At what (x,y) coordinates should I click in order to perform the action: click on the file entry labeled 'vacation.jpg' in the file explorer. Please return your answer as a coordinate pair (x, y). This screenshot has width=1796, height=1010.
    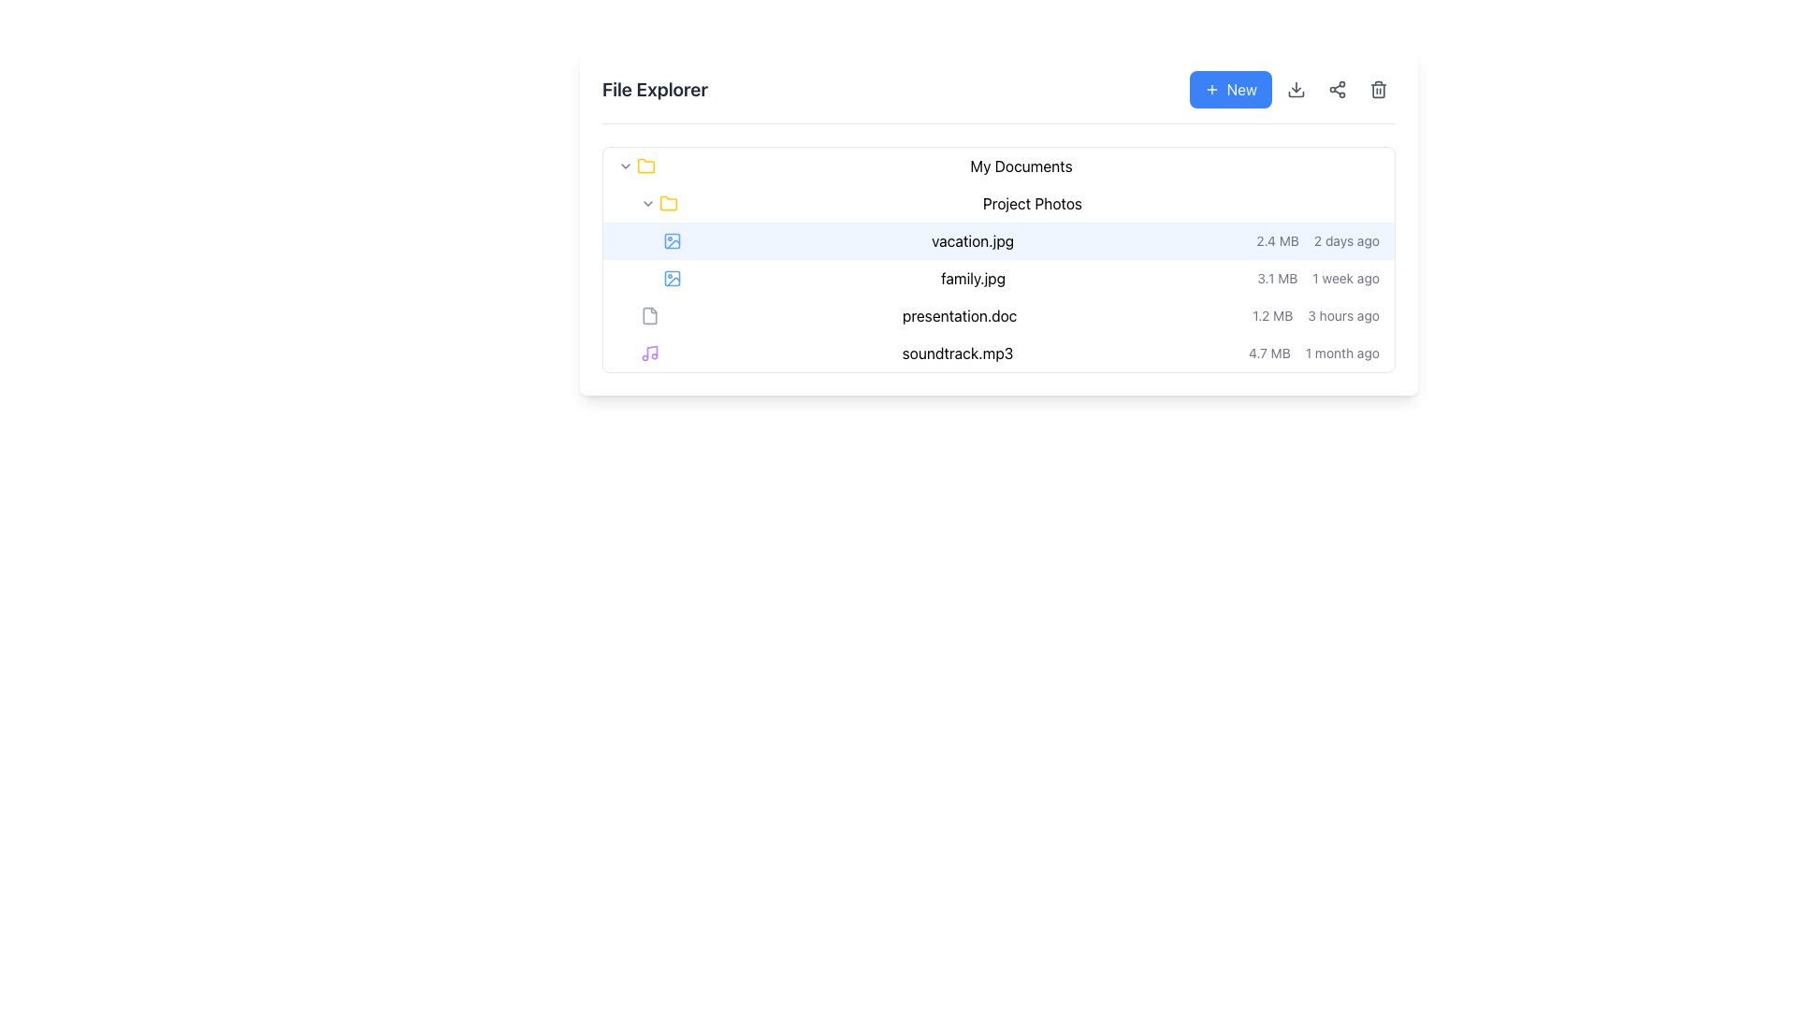
    Looking at the image, I should click on (998, 221).